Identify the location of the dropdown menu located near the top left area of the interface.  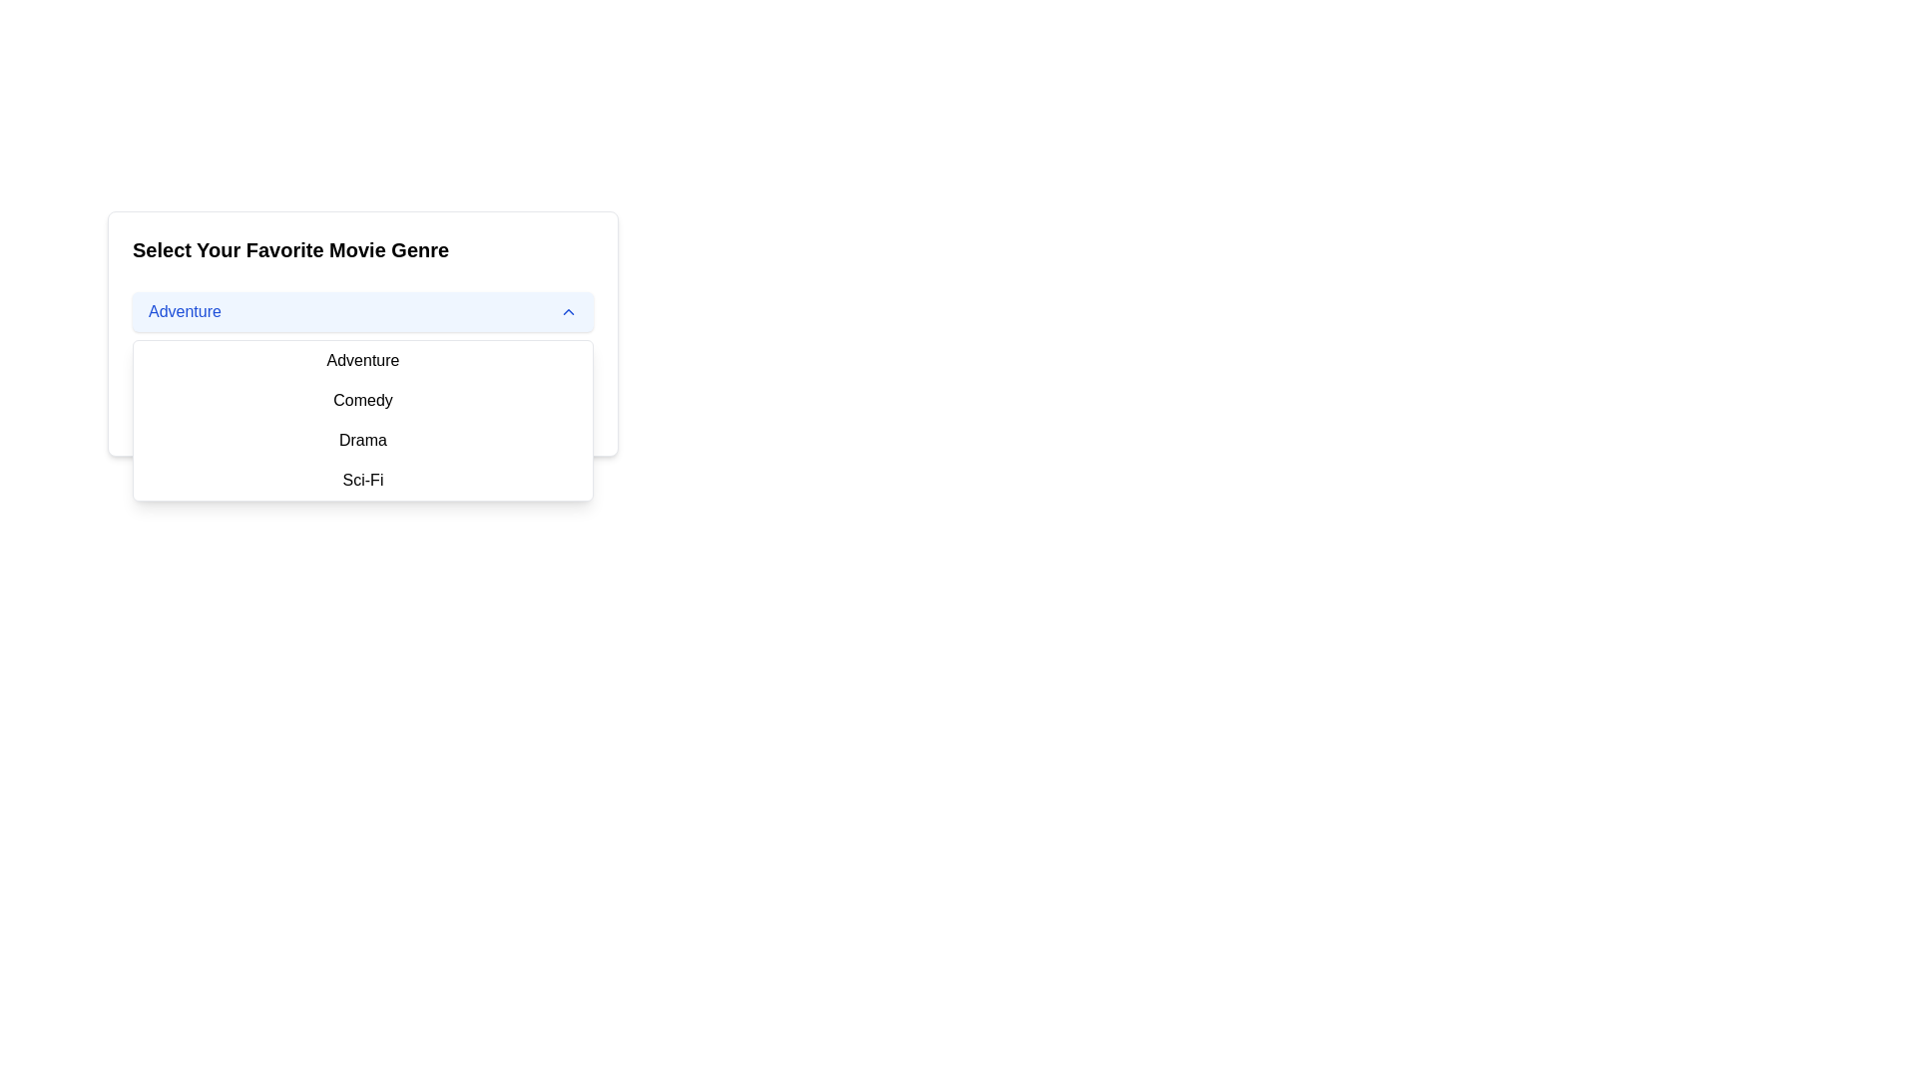
(363, 333).